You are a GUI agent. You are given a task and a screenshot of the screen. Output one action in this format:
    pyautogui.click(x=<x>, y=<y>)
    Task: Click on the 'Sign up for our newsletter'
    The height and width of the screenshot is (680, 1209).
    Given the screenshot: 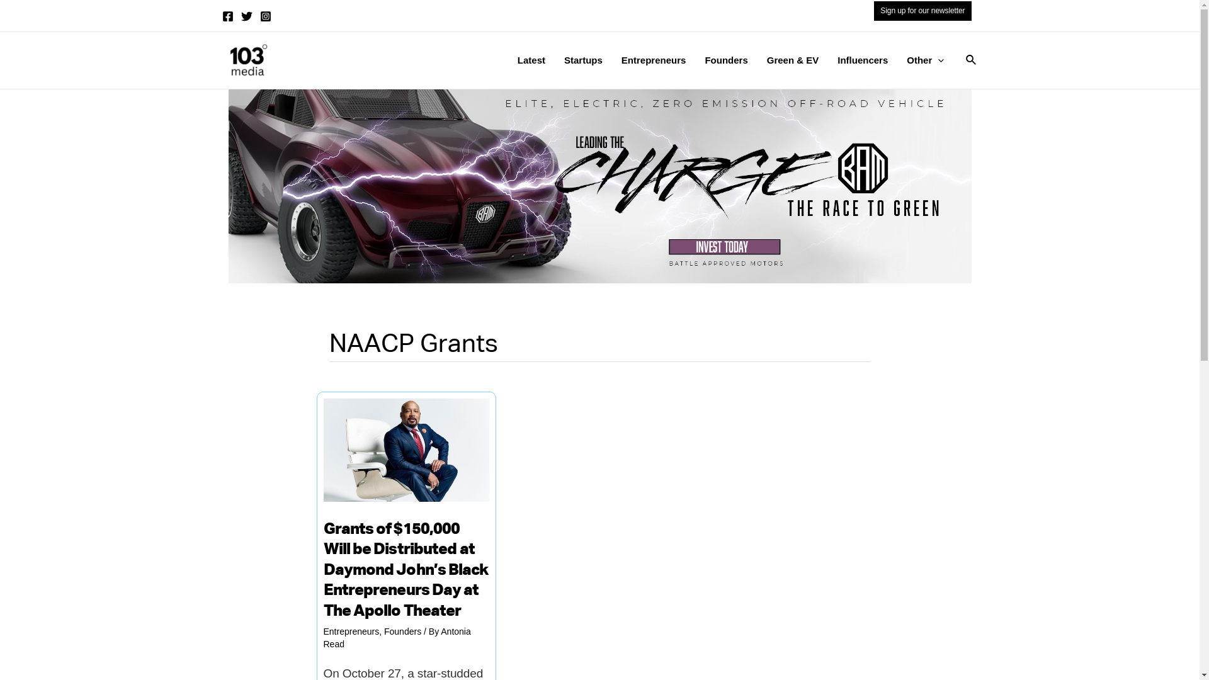 What is the action you would take?
    pyautogui.click(x=922, y=10)
    